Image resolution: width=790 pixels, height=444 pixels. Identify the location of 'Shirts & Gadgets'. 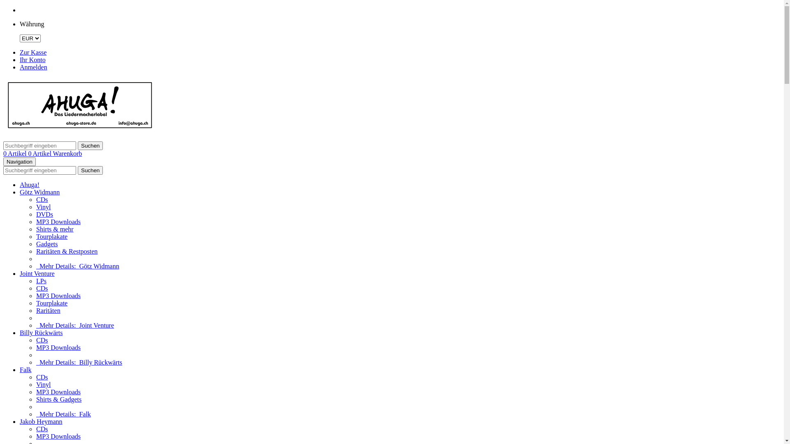
(58, 399).